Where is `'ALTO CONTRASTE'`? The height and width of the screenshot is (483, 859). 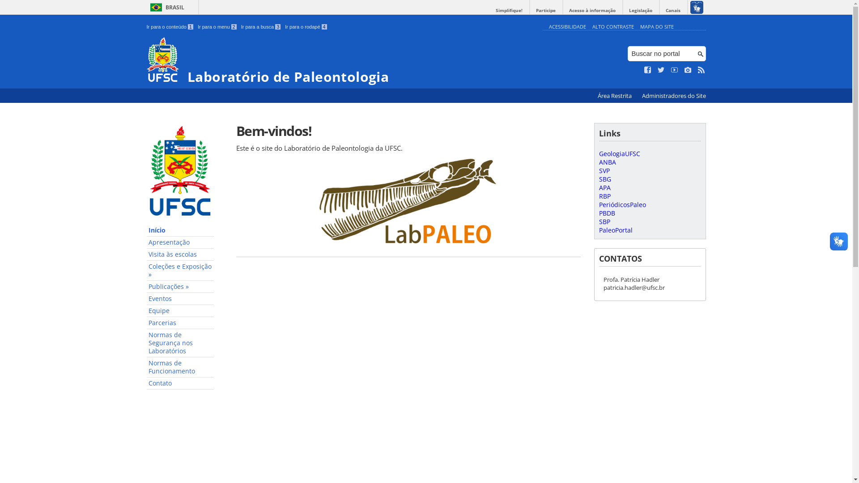 'ALTO CONTRASTE' is located at coordinates (592, 26).